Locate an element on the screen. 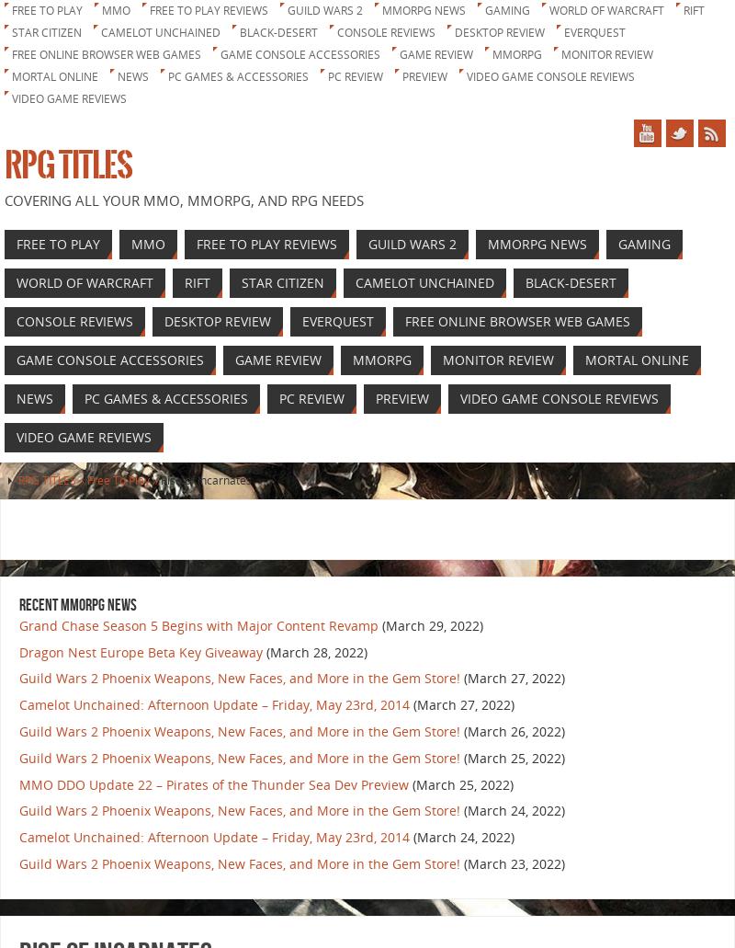  'Gaming' is located at coordinates (507, 10).